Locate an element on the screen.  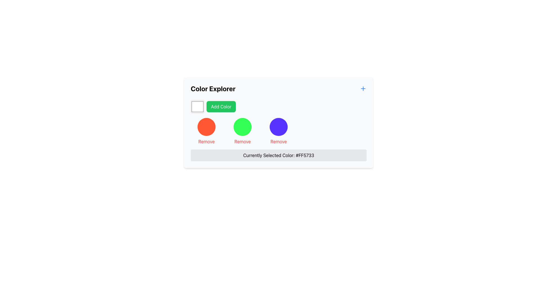
the third circular color representation (purple) in the 'Color Explorer' section, which is located to the right of the red and green circles is located at coordinates (278, 127).